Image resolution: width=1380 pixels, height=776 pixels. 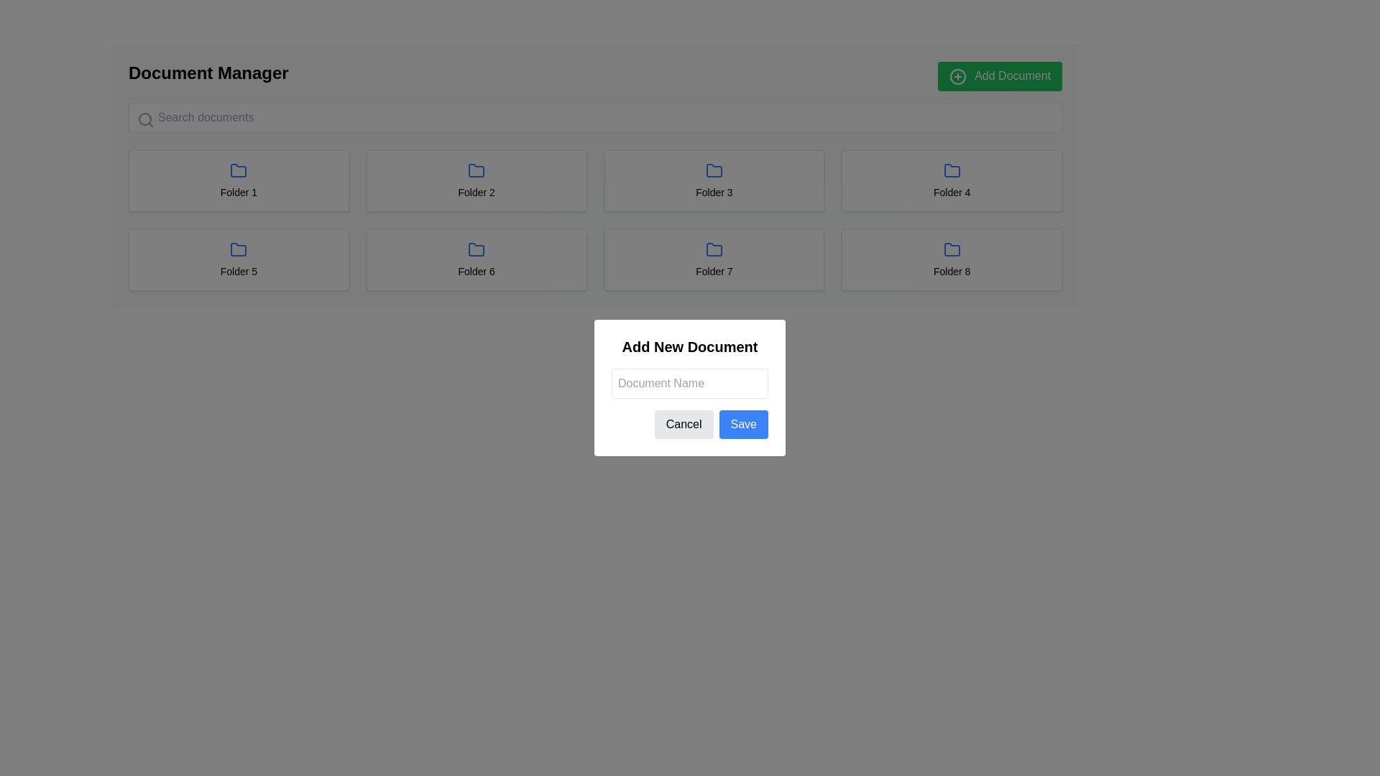 I want to click on the prominent text label reading 'Document Manager', which is styled with bold and large font and located in the upper-left corner of the page, so click(x=208, y=76).